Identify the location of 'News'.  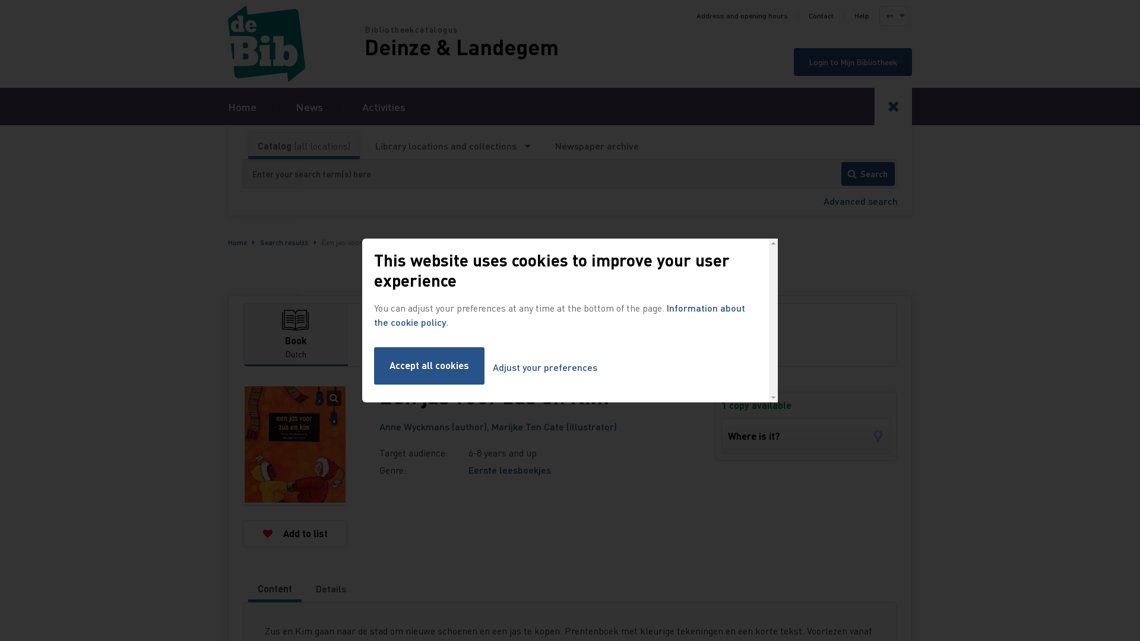
(309, 106).